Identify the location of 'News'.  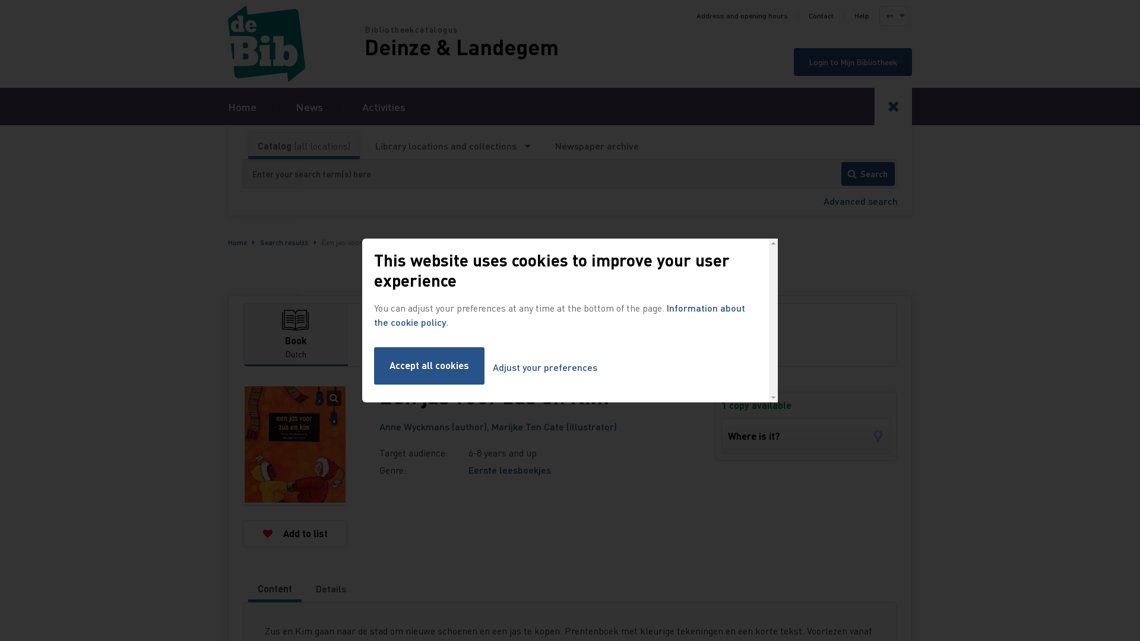
(309, 106).